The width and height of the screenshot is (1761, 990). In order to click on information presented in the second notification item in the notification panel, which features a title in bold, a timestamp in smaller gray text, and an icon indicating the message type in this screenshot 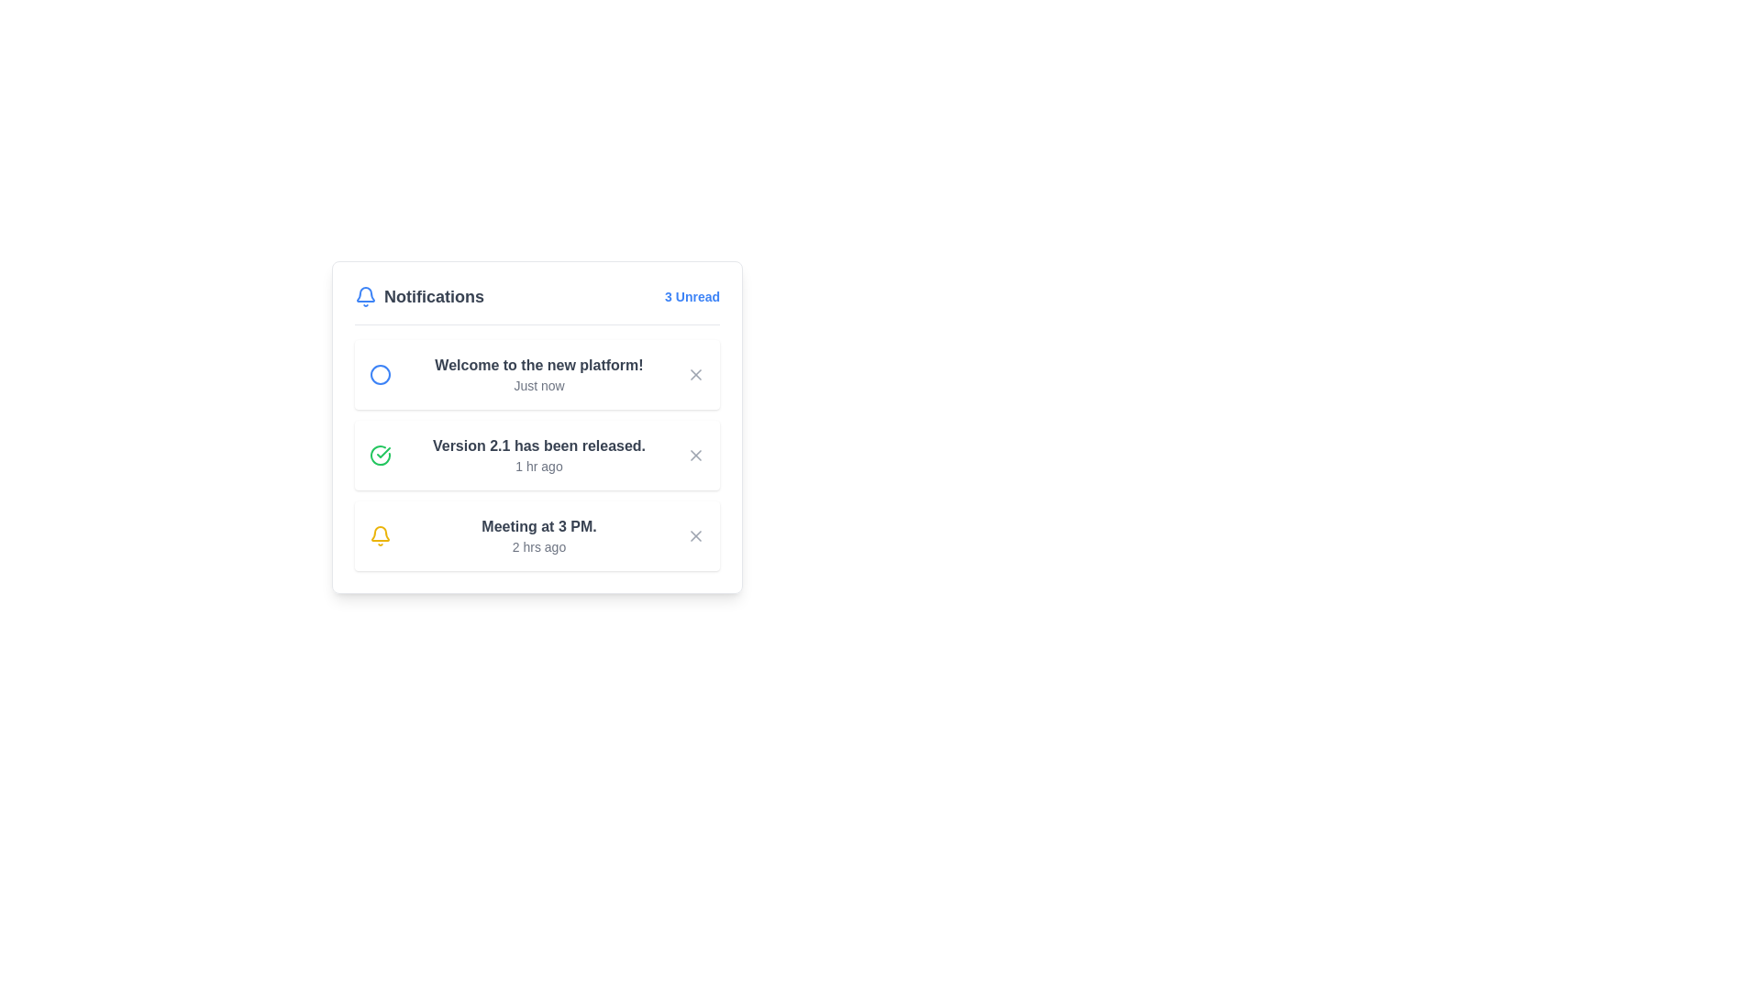, I will do `click(536, 448)`.